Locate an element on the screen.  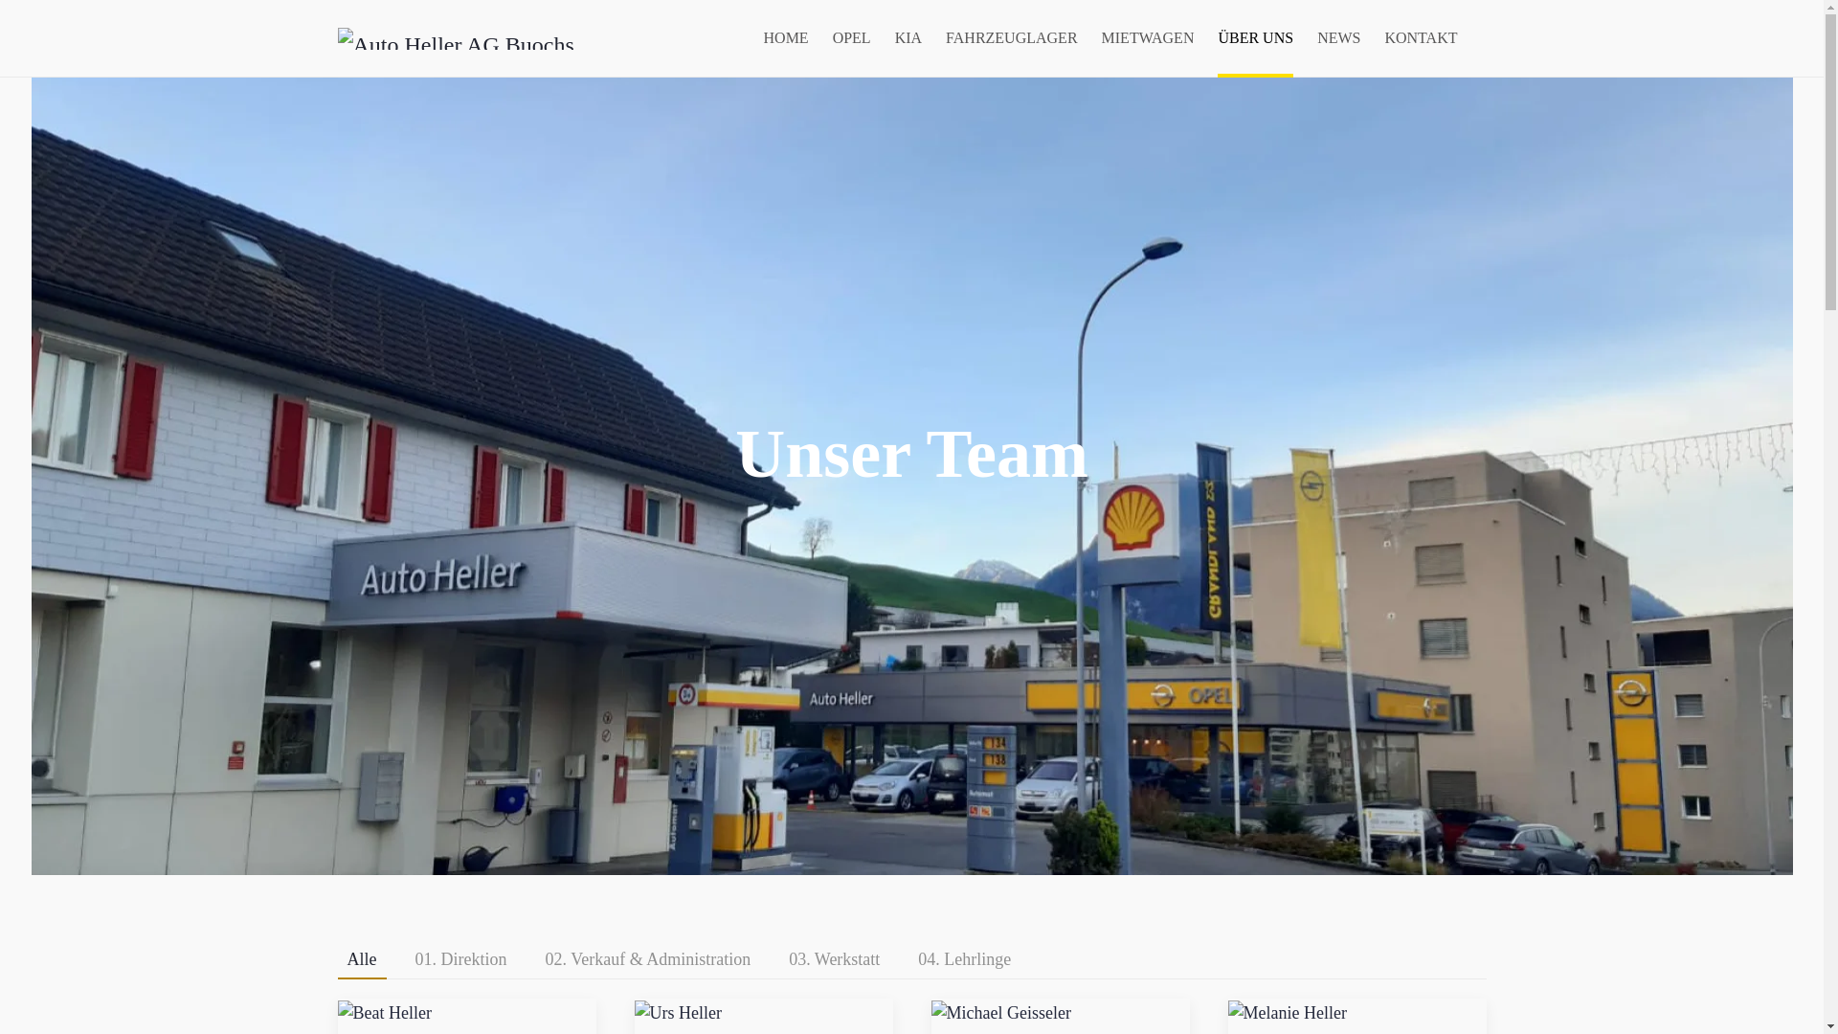
'Alle' is located at coordinates (336, 960).